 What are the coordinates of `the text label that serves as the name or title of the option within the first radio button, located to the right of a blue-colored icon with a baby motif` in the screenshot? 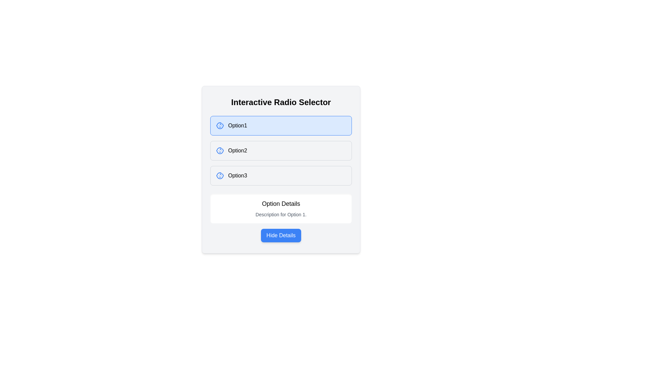 It's located at (238, 125).